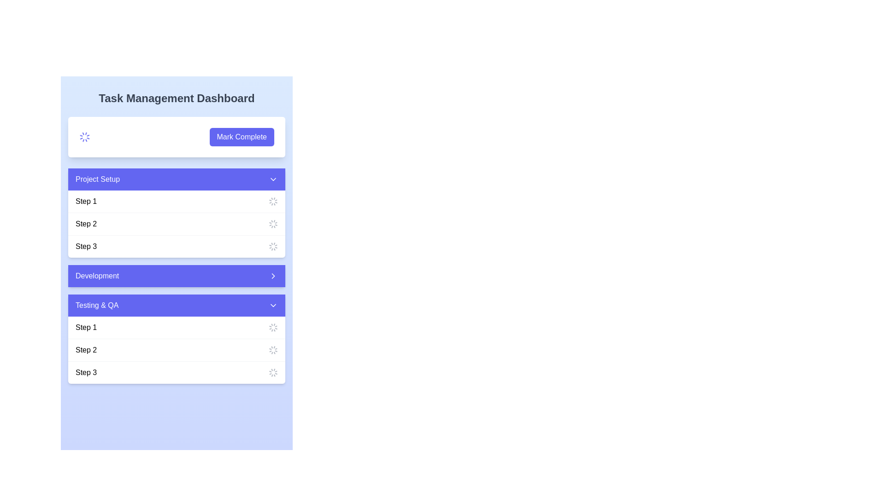  Describe the element at coordinates (273, 276) in the screenshot. I see `the right-facing chevron icon located to the far-right side of the 'Development' section header in the vertical navigation panel` at that location.